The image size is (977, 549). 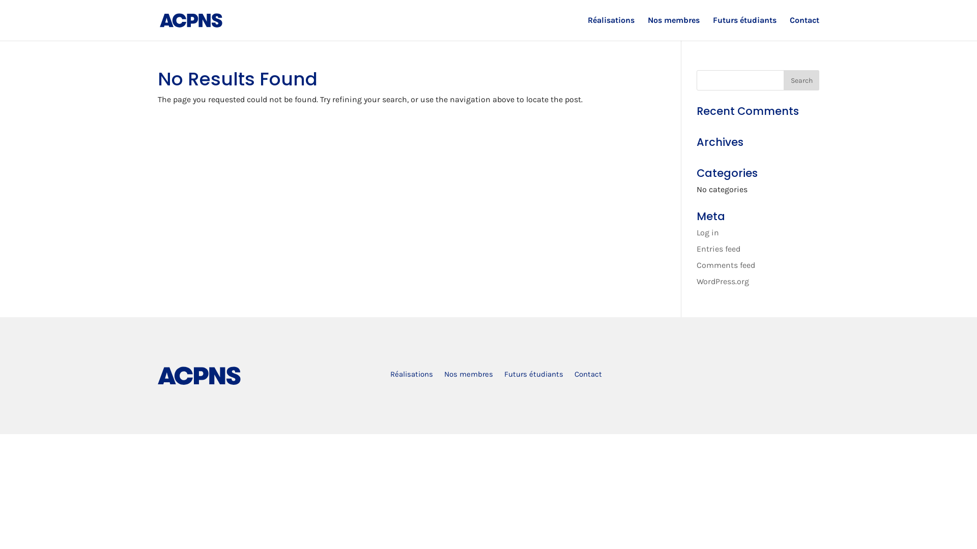 What do you see at coordinates (725, 264) in the screenshot?
I see `'Comments feed'` at bounding box center [725, 264].